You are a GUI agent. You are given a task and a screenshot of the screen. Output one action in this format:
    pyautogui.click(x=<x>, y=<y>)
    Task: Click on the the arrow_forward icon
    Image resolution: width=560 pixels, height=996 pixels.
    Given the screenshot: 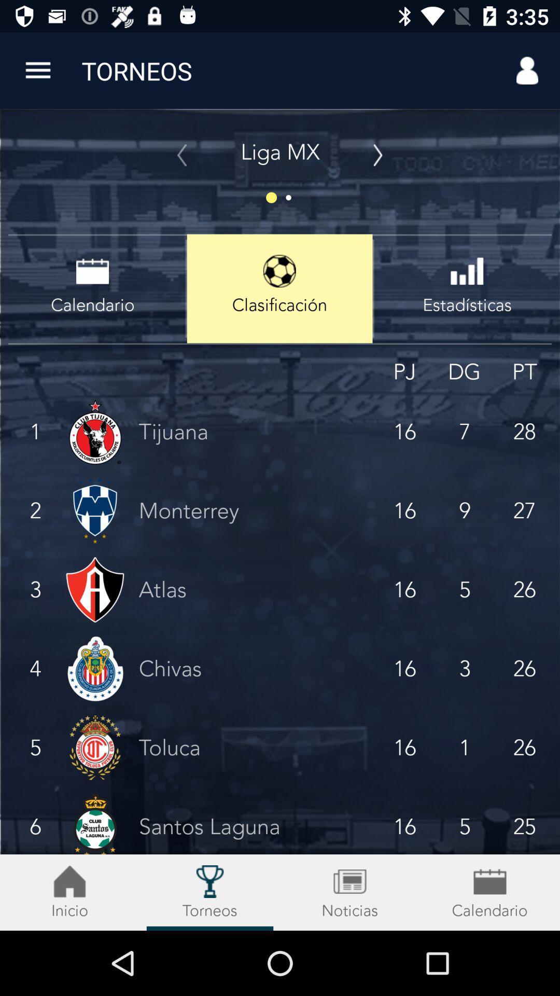 What is the action you would take?
    pyautogui.click(x=378, y=155)
    